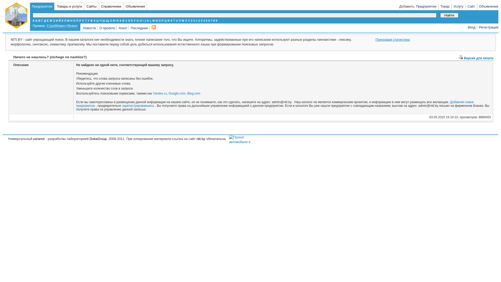 This screenshot has width=501, height=282. Describe the element at coordinates (128, 20) in the screenshot. I see `'D'` at that location.